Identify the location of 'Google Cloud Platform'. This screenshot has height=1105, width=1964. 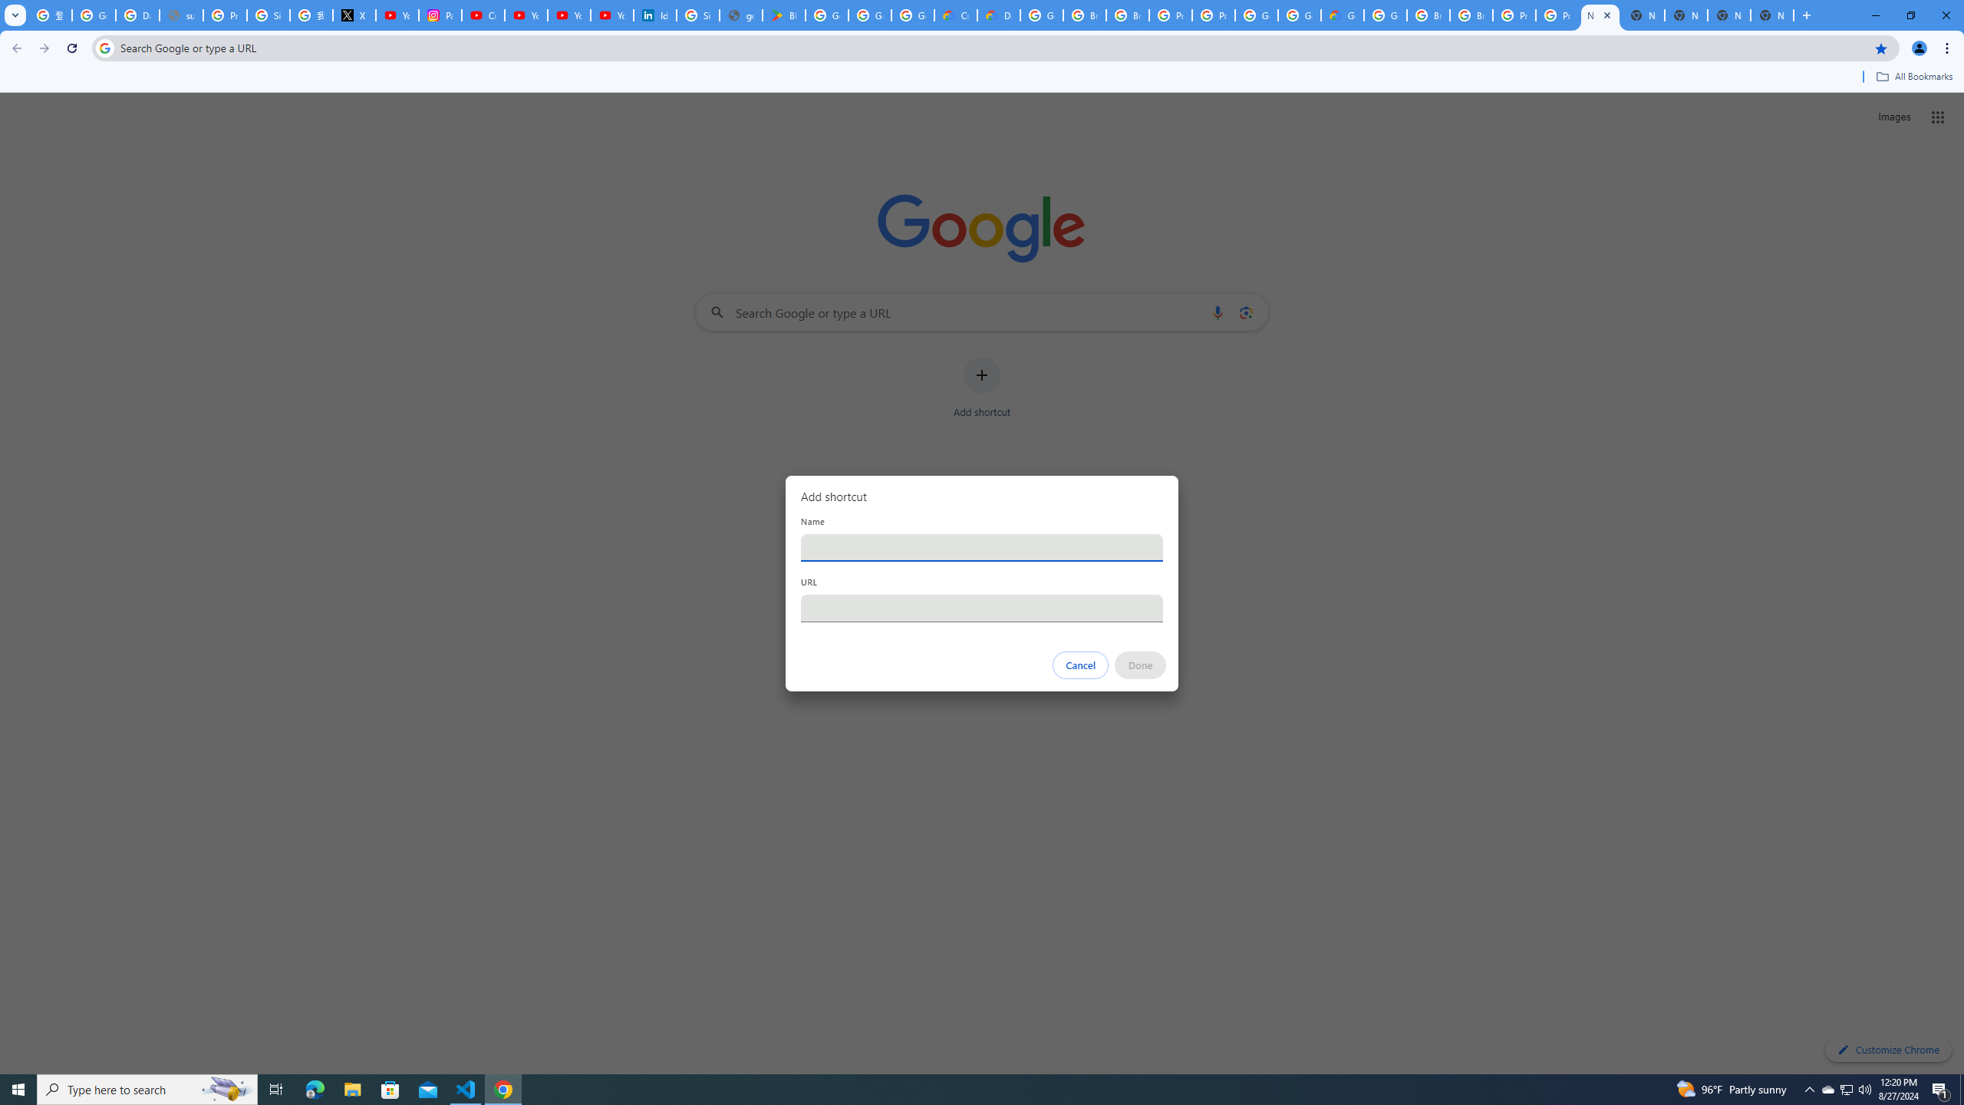
(1255, 15).